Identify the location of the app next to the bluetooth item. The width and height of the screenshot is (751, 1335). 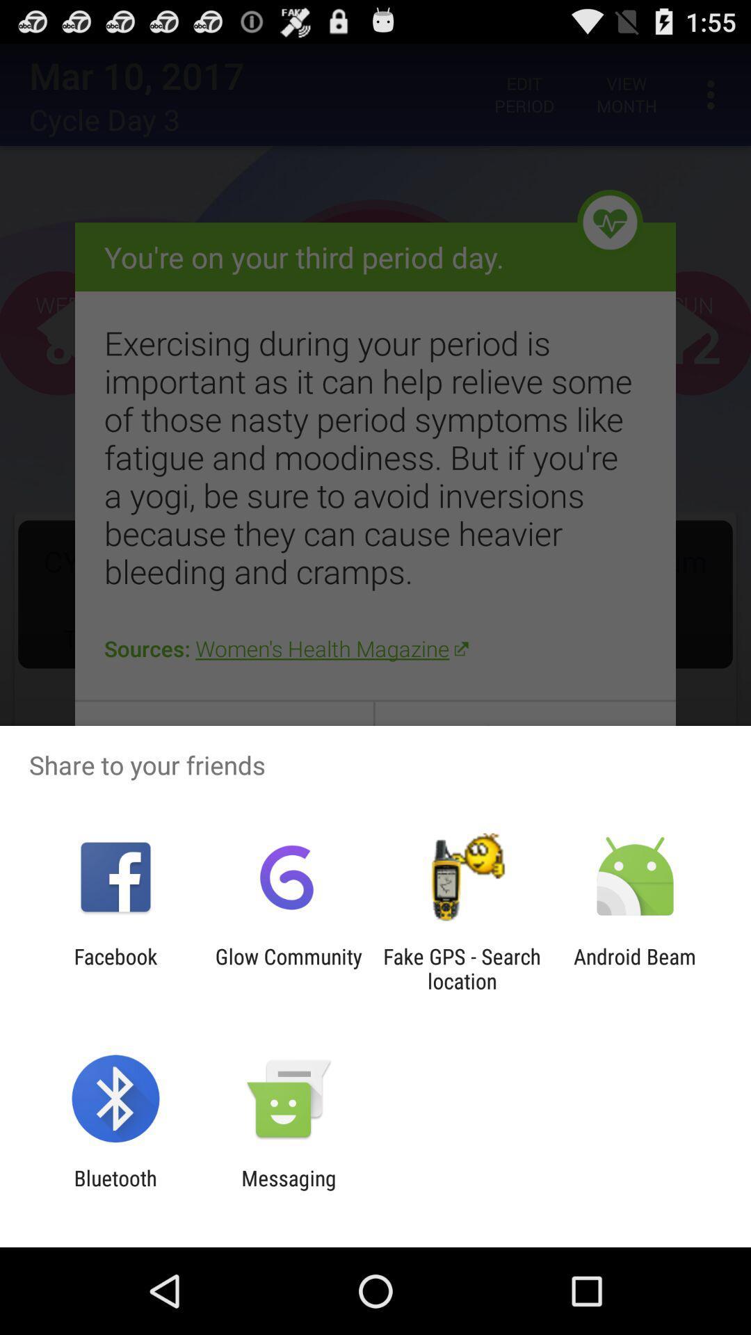
(288, 1190).